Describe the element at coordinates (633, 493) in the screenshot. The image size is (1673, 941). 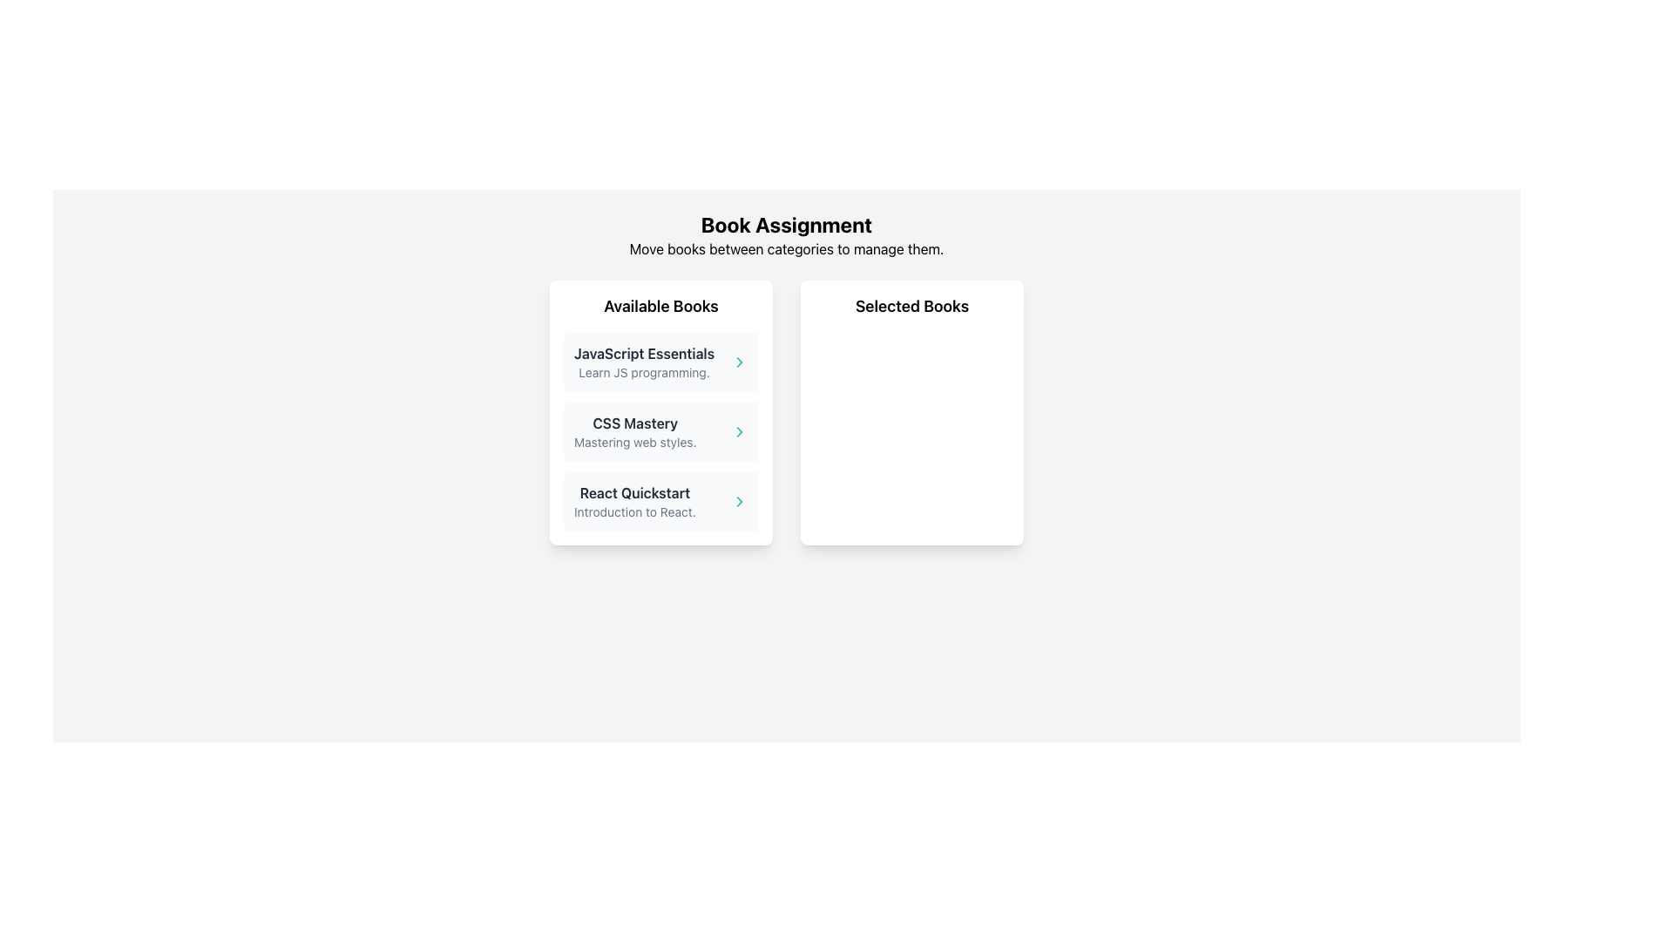
I see `the title Text Label of the book in the third row of the 'Available Books' section` at that location.